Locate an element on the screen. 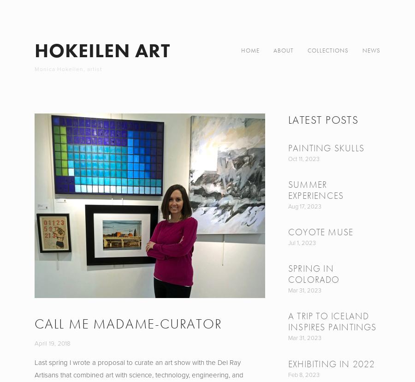 This screenshot has height=382, width=415. 'Summer Experiences' is located at coordinates (315, 189).